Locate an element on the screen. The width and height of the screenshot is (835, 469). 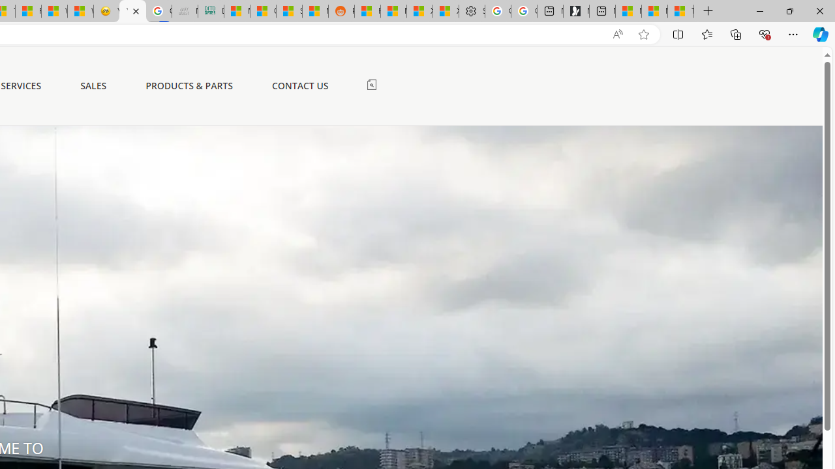
'CONTACT US' is located at coordinates (299, 86).